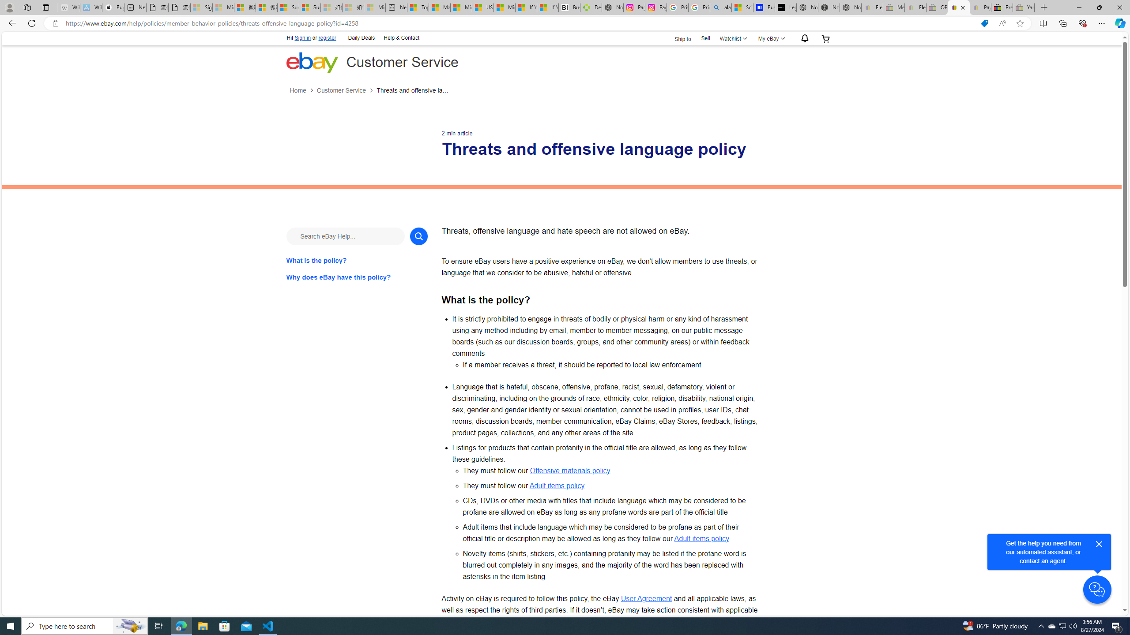 The image size is (1130, 635). What do you see at coordinates (311, 62) in the screenshot?
I see `'eBay Home'` at bounding box center [311, 62].